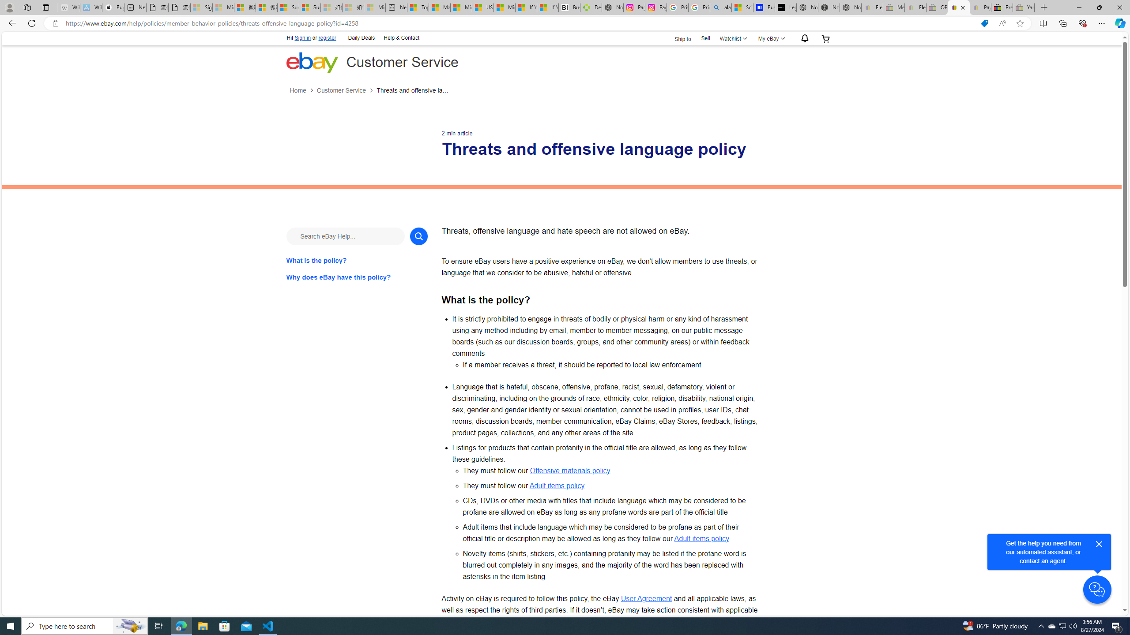 The image size is (1130, 635). What do you see at coordinates (311, 62) in the screenshot?
I see `'eBay Home'` at bounding box center [311, 62].